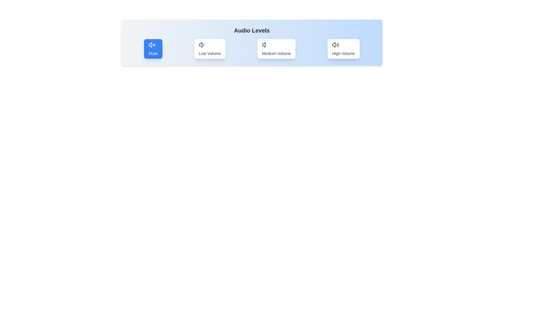 Image resolution: width=553 pixels, height=311 pixels. What do you see at coordinates (153, 48) in the screenshot?
I see `the button labeled 'Mute' to observe the hover effect` at bounding box center [153, 48].